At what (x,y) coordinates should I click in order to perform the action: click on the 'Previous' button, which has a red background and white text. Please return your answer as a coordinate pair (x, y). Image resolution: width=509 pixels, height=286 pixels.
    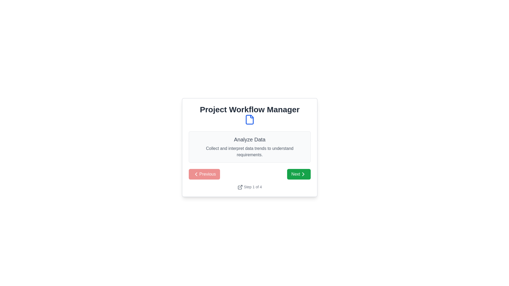
    Looking at the image, I should click on (204, 174).